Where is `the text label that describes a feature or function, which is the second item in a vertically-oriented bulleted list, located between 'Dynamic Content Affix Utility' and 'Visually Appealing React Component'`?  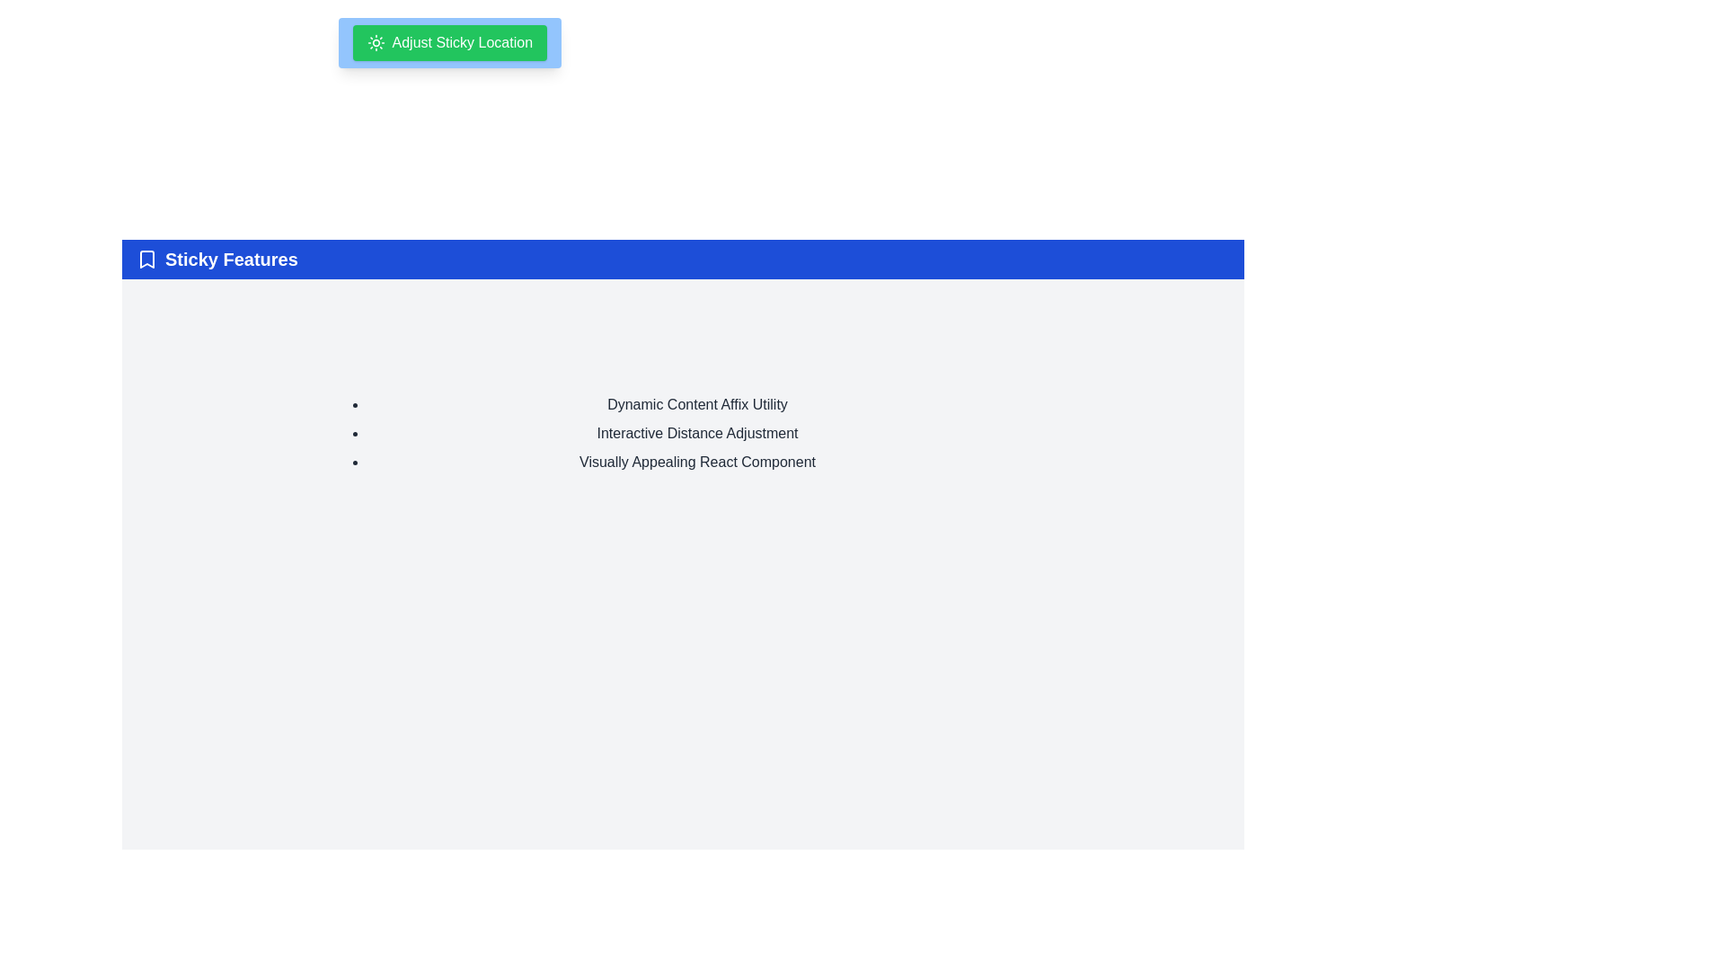
the text label that describes a feature or function, which is the second item in a vertically-oriented bulleted list, located between 'Dynamic Content Affix Utility' and 'Visually Appealing React Component' is located at coordinates (696, 433).